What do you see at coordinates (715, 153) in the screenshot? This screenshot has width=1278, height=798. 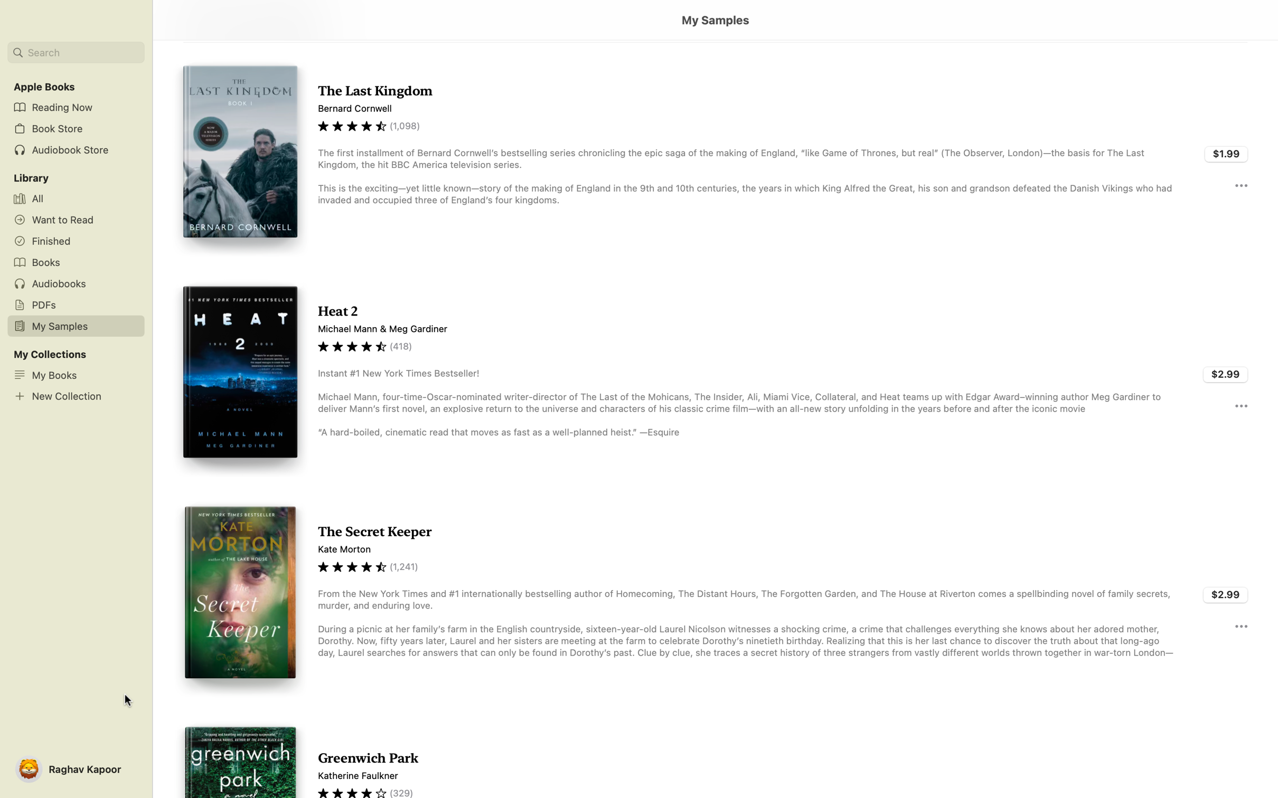 I see `double click to Read the sample of Last Kingdom` at bounding box center [715, 153].